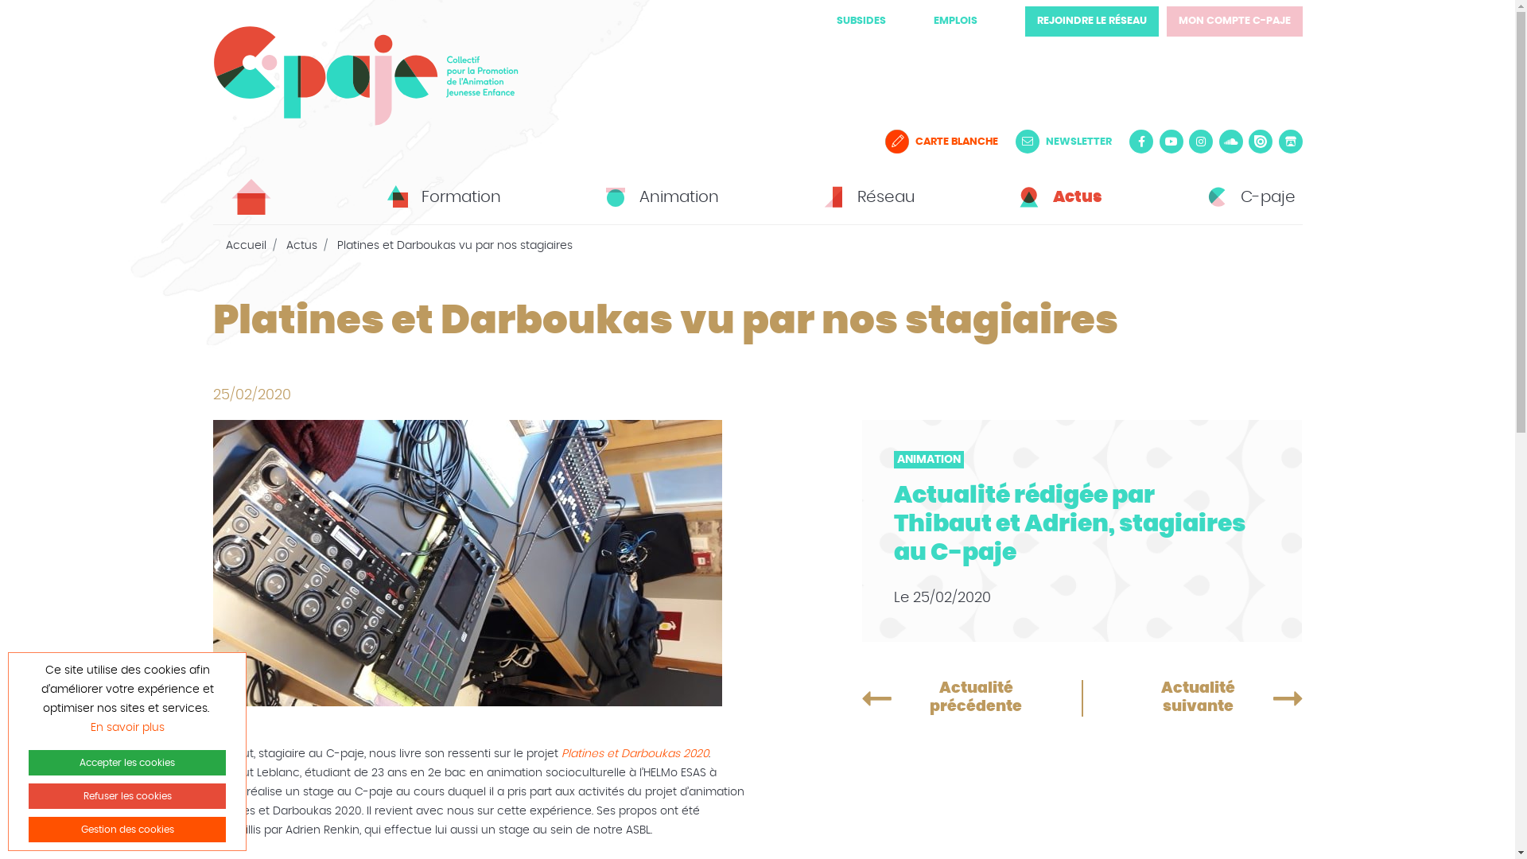 This screenshot has width=1527, height=859. I want to click on 'Gestion des cookies', so click(126, 828).